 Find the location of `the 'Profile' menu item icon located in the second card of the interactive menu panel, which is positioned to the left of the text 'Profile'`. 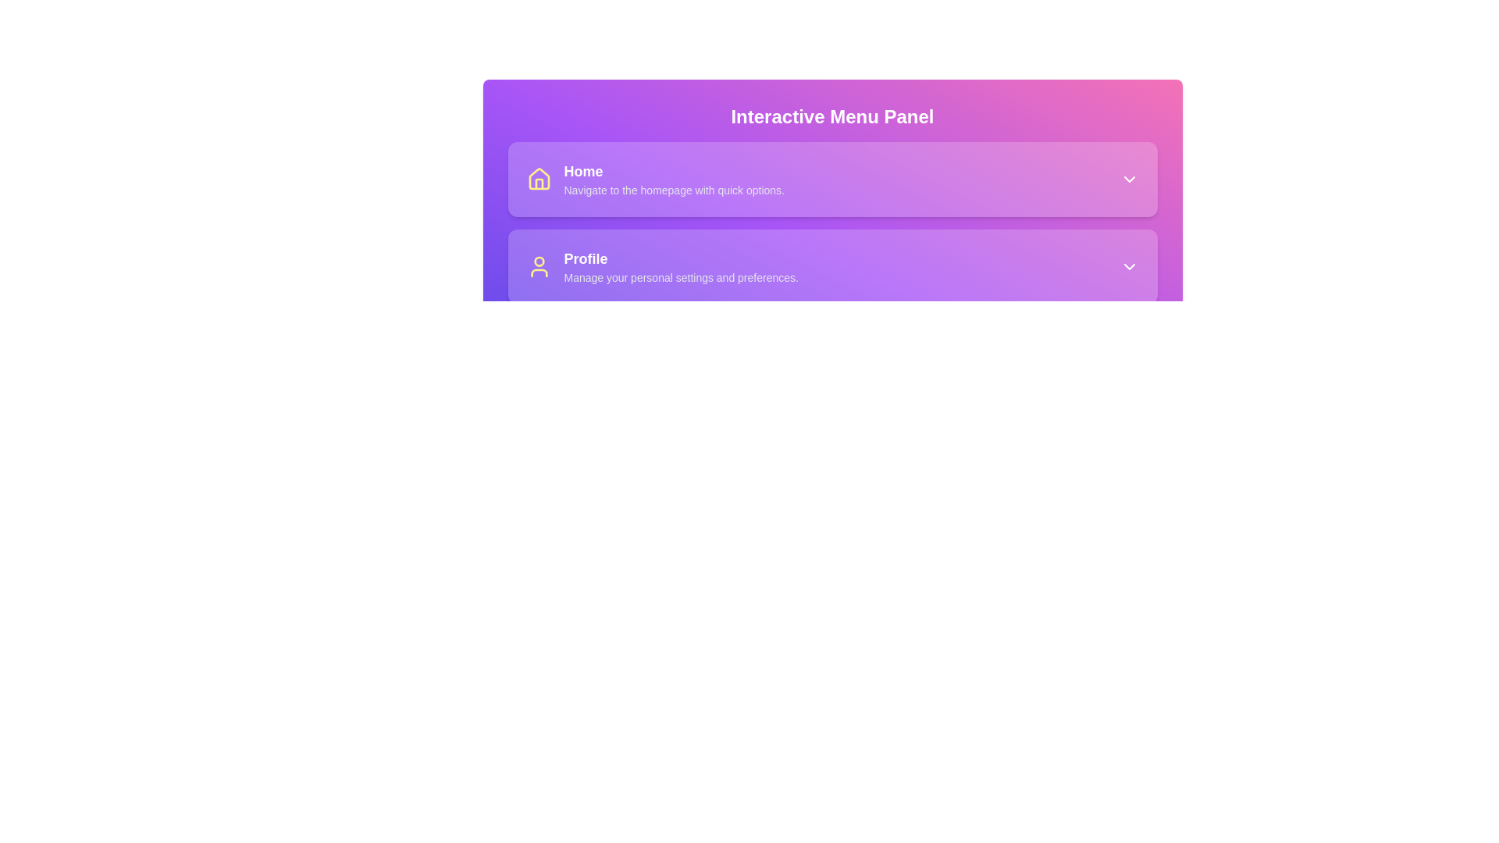

the 'Profile' menu item icon located in the second card of the interactive menu panel, which is positioned to the left of the text 'Profile' is located at coordinates (539, 266).